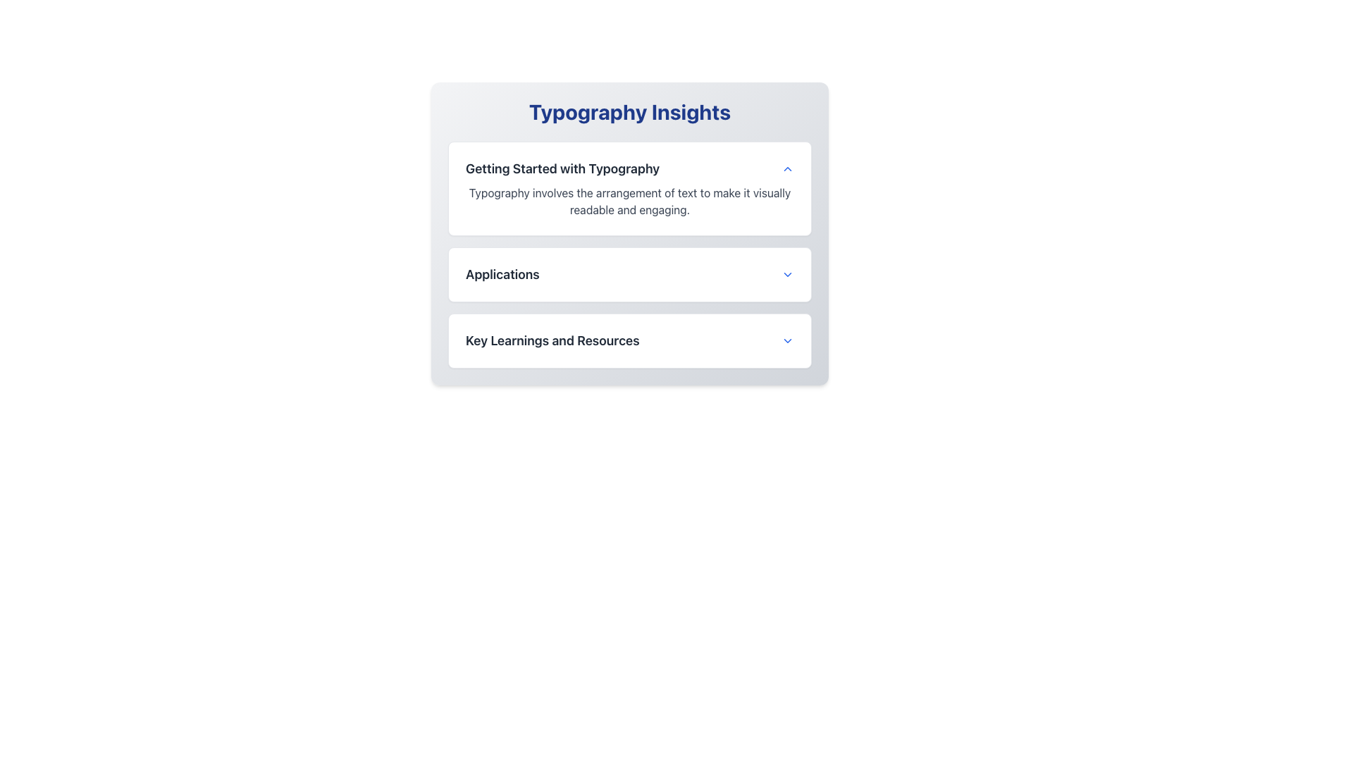 The height and width of the screenshot is (761, 1353). Describe the element at coordinates (787, 340) in the screenshot. I see `the blue downward-pointing arrow-shaped button located to the right of the text 'Key Learnings and Resources'` at that location.